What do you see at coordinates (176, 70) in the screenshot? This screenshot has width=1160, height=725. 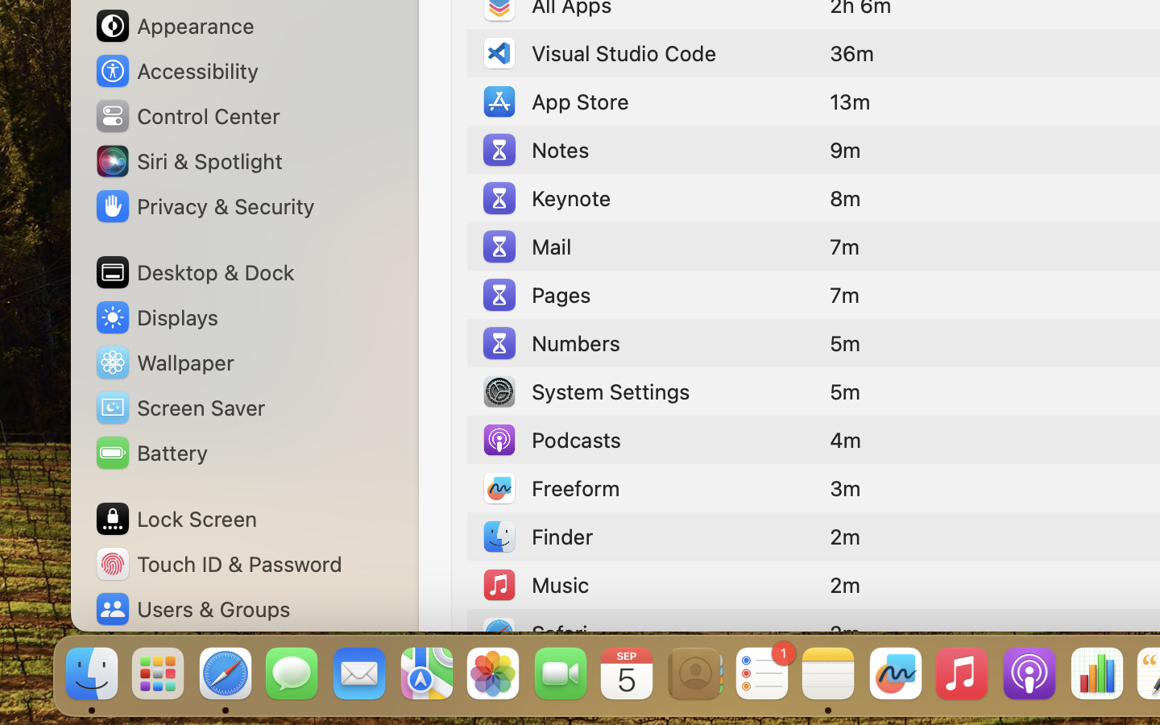 I see `'Accessibility'` at bounding box center [176, 70].